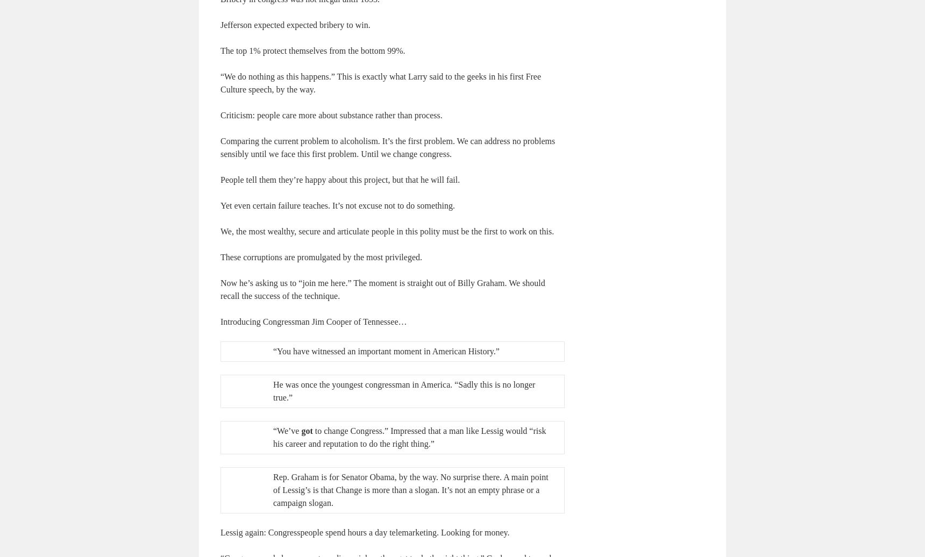  I want to click on 'Criticism: people care more about substance rather than process.', so click(220, 115).